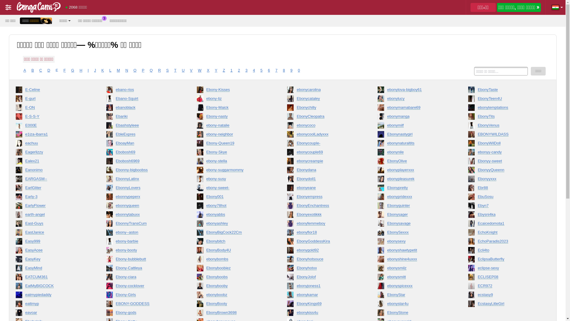 The height and width of the screenshot is (321, 570). I want to click on 'X', so click(208, 70).